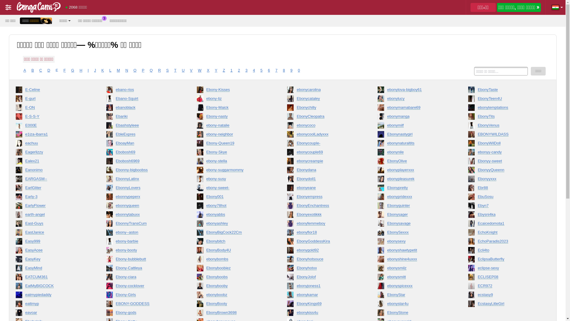 The height and width of the screenshot is (321, 570). I want to click on 'X', so click(208, 70).